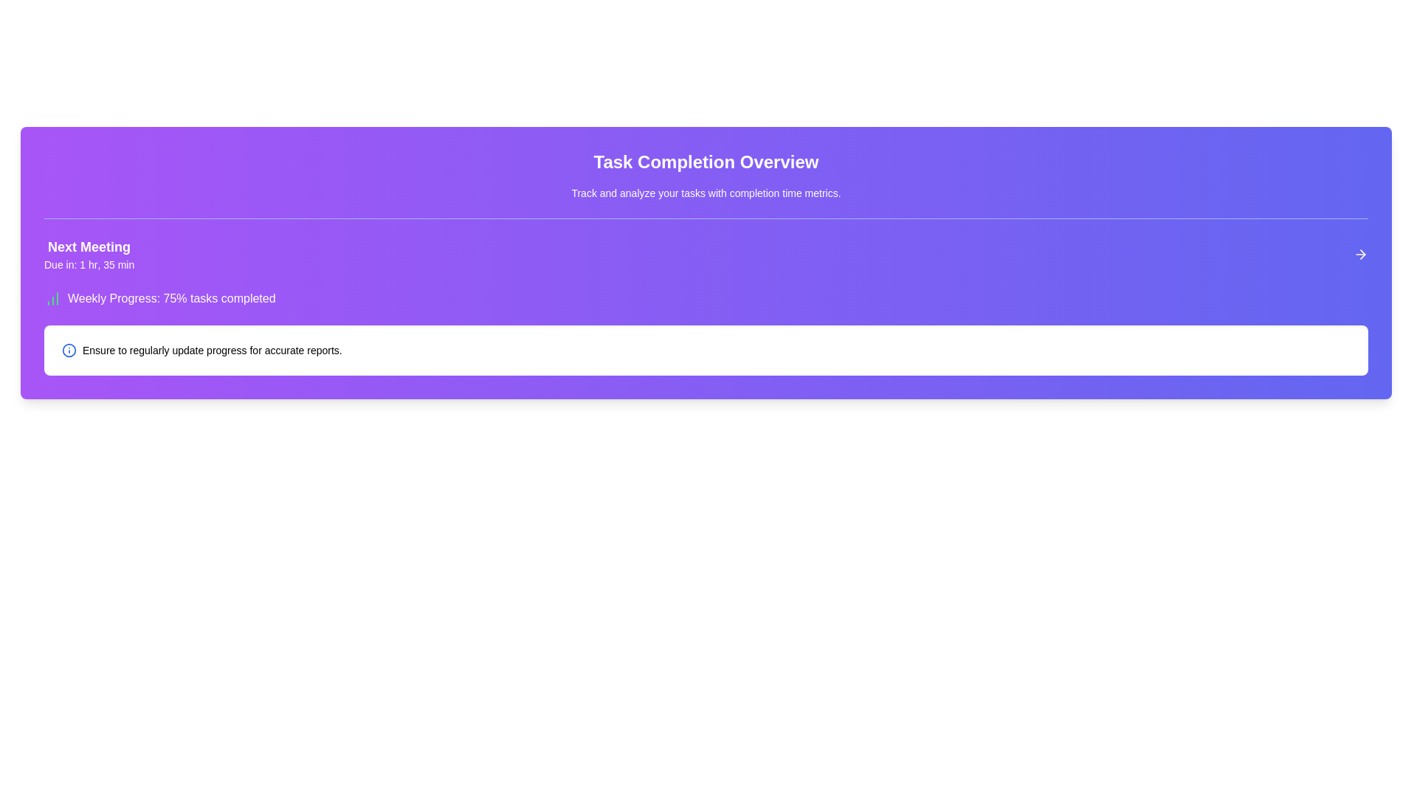 The image size is (1417, 797). Describe the element at coordinates (92, 263) in the screenshot. I see `the text label 'hr' in the timer indicating hours in 'Due in: 1 hr, 35 min', which is visually positioned near the top left of the central purple box` at that location.